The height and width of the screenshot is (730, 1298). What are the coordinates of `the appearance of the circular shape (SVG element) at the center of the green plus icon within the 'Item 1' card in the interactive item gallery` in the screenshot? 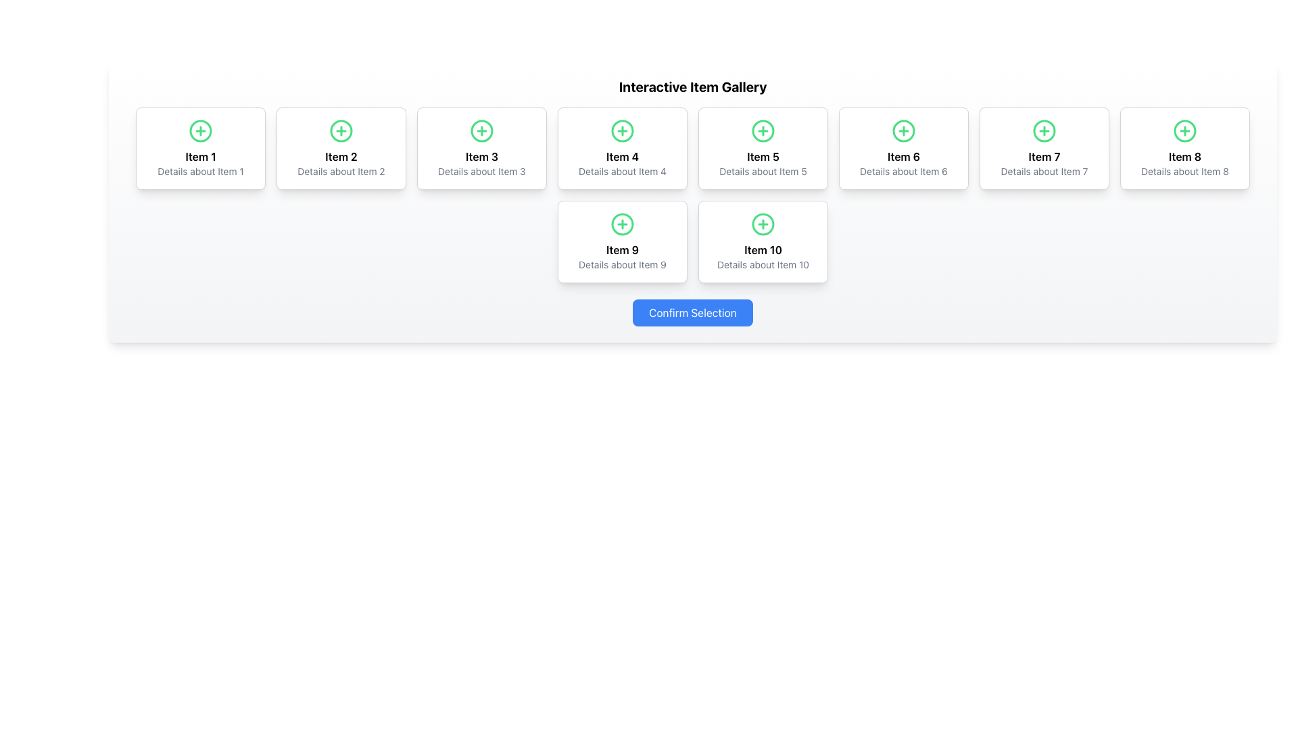 It's located at (200, 130).